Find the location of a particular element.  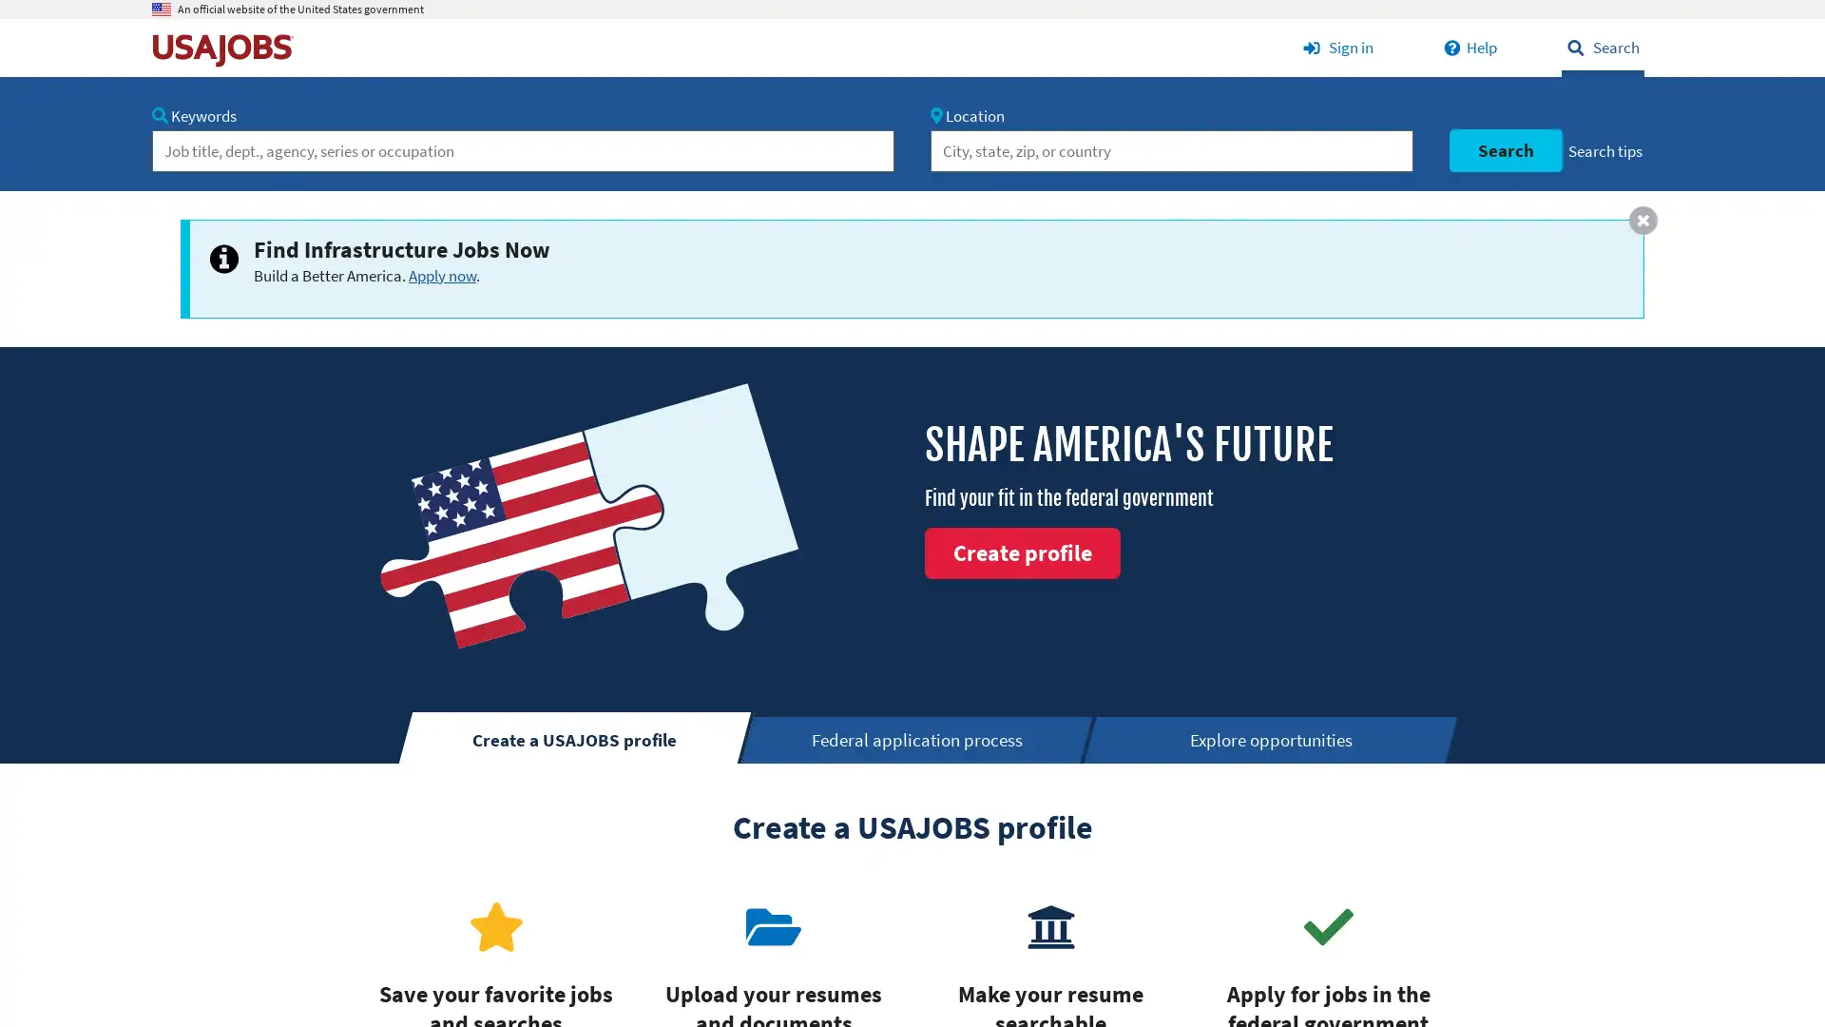

Create a USAJOBS profile is located at coordinates (574, 736).